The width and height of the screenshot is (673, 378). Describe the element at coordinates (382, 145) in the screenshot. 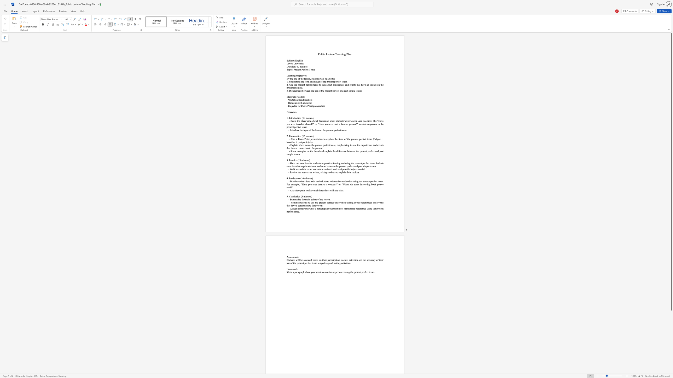

I see `the 7th character "t" in the text` at that location.